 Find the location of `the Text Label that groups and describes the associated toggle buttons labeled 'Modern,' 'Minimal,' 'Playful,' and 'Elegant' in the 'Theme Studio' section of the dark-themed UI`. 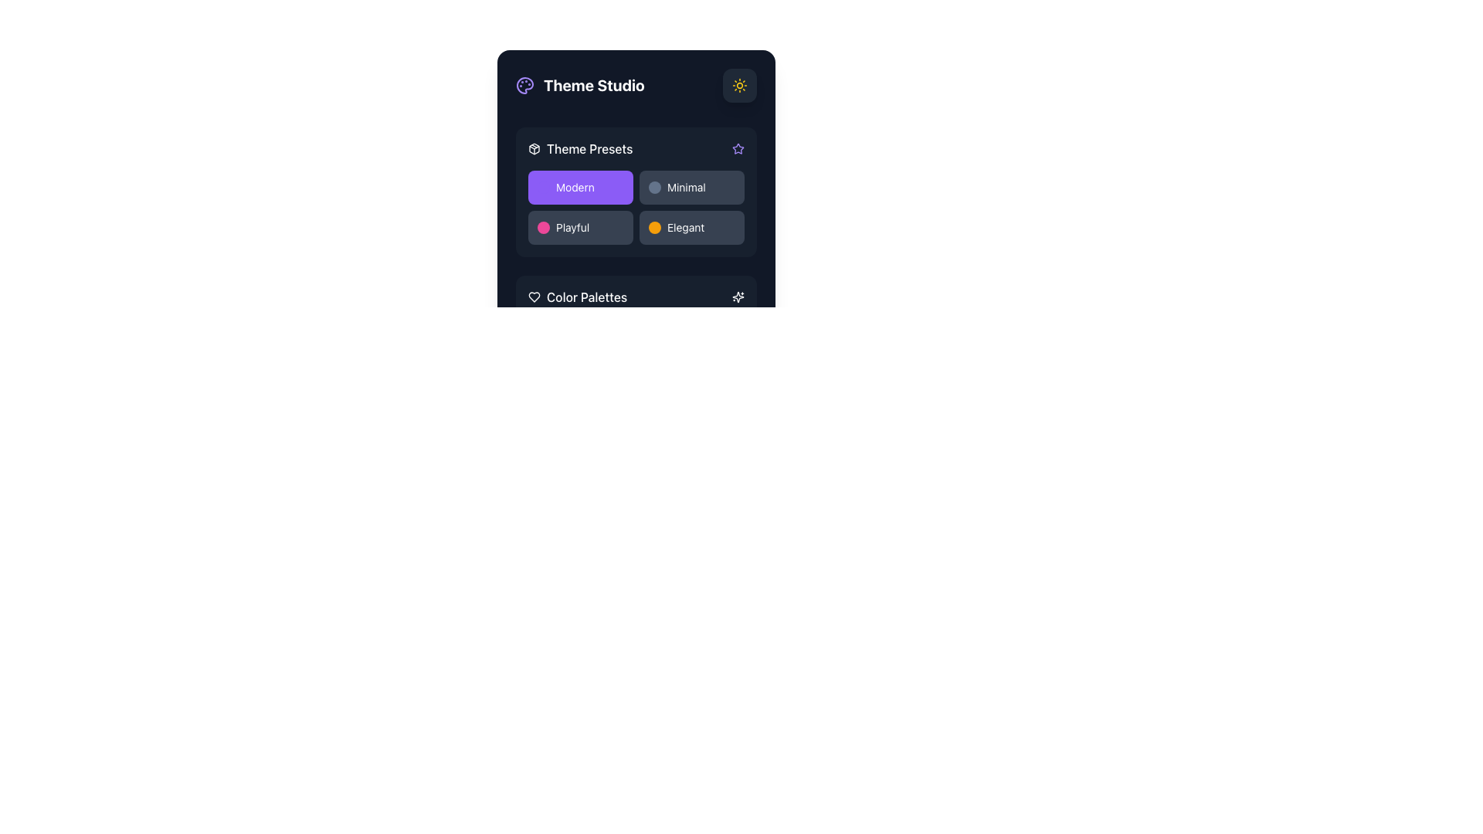

the Text Label that groups and describes the associated toggle buttons labeled 'Modern,' 'Minimal,' 'Playful,' and 'Elegant' in the 'Theme Studio' section of the dark-themed UI is located at coordinates (589, 148).